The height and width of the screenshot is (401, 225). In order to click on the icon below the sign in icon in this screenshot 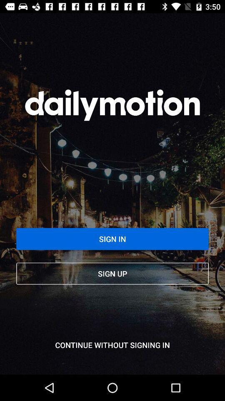, I will do `click(112, 273)`.